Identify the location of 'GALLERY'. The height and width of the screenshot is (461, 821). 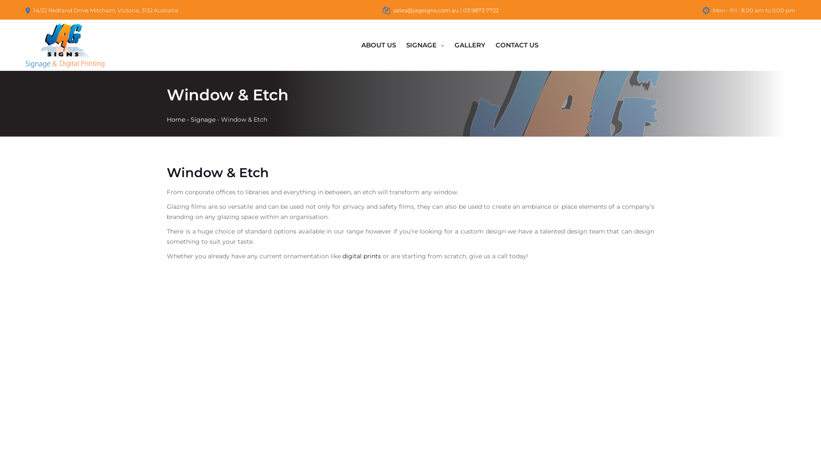
(470, 45).